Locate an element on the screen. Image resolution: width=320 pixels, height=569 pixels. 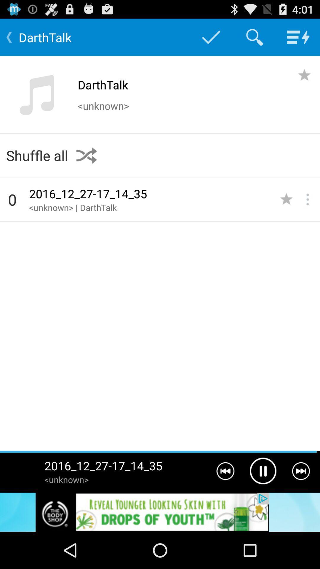
the menu icon is located at coordinates (298, 39).